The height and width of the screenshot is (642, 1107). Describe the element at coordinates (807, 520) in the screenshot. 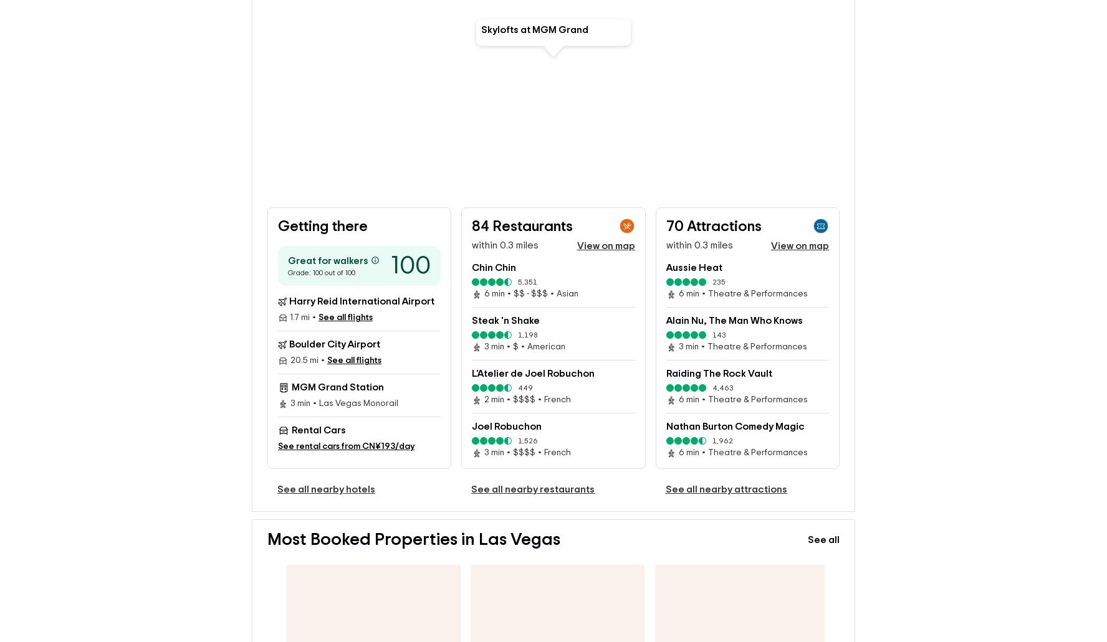

I see `'See all'` at that location.